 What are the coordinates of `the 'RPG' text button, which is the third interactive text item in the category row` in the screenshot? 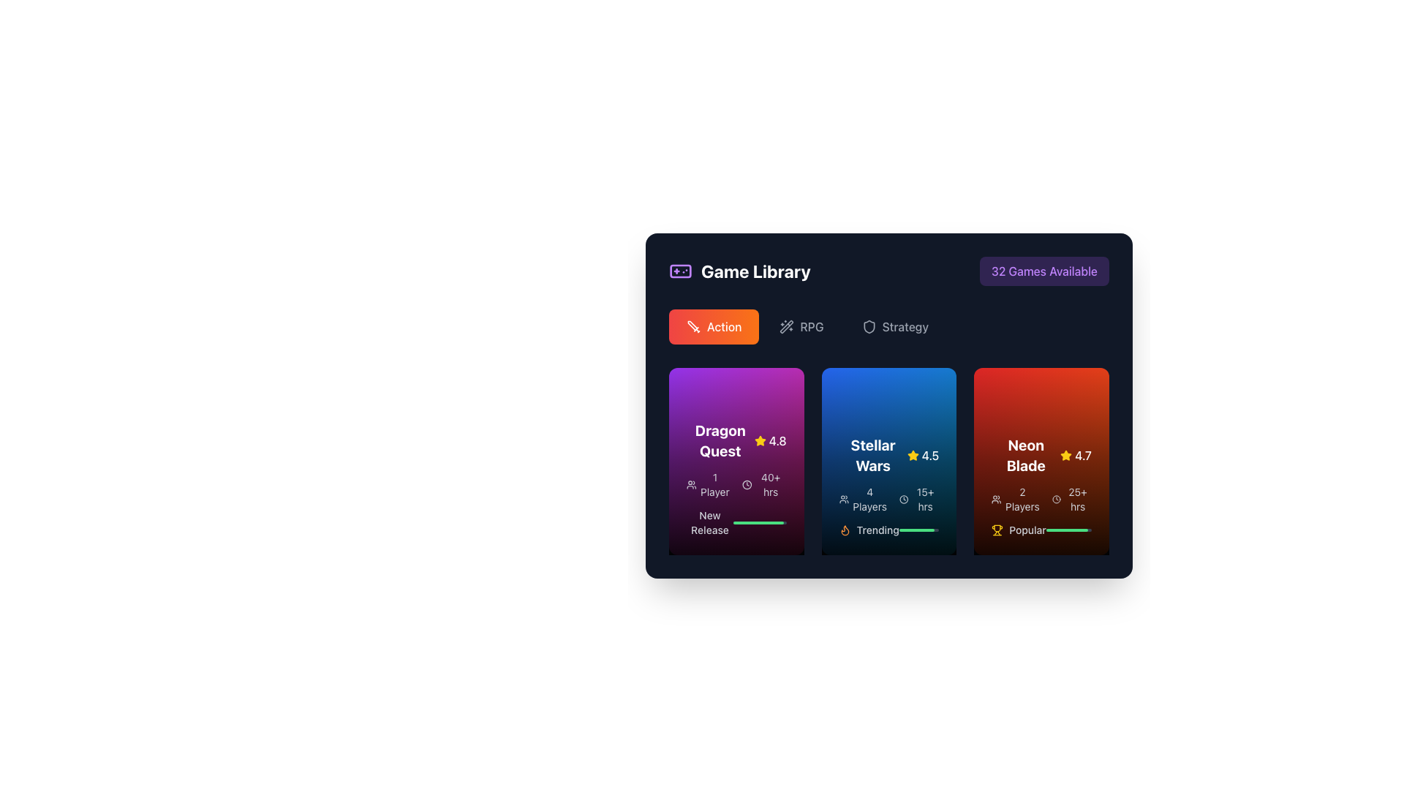 It's located at (811, 326).